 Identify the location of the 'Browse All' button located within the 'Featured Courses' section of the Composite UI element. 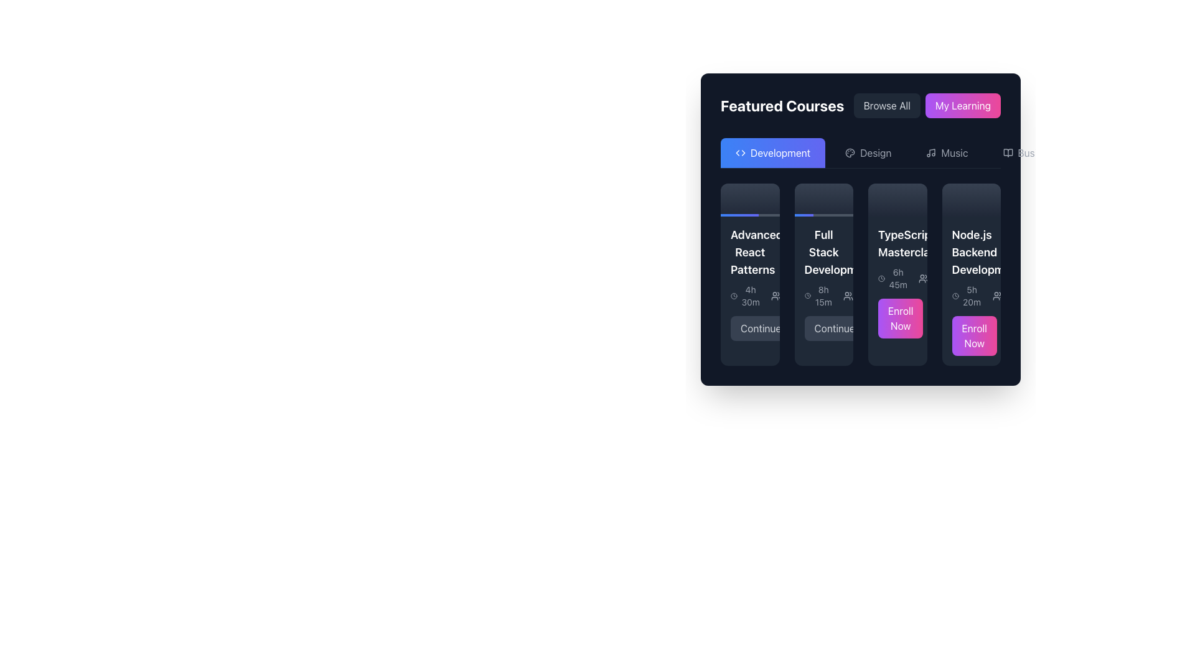
(860, 105).